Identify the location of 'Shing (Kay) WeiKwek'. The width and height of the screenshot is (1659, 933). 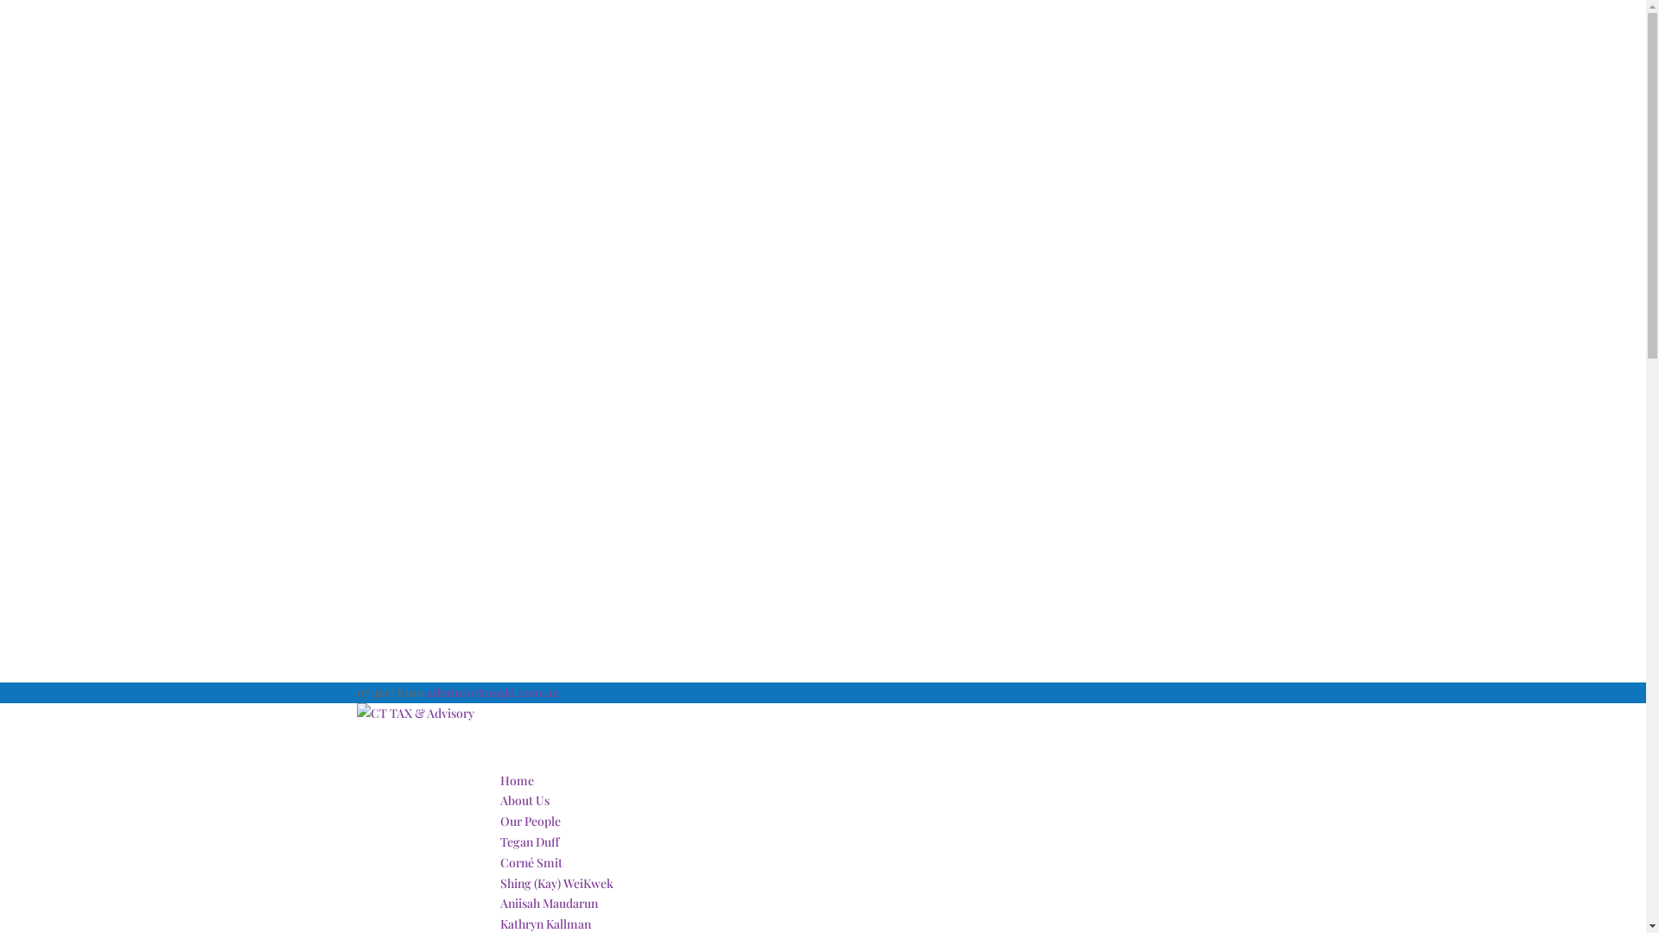
(556, 883).